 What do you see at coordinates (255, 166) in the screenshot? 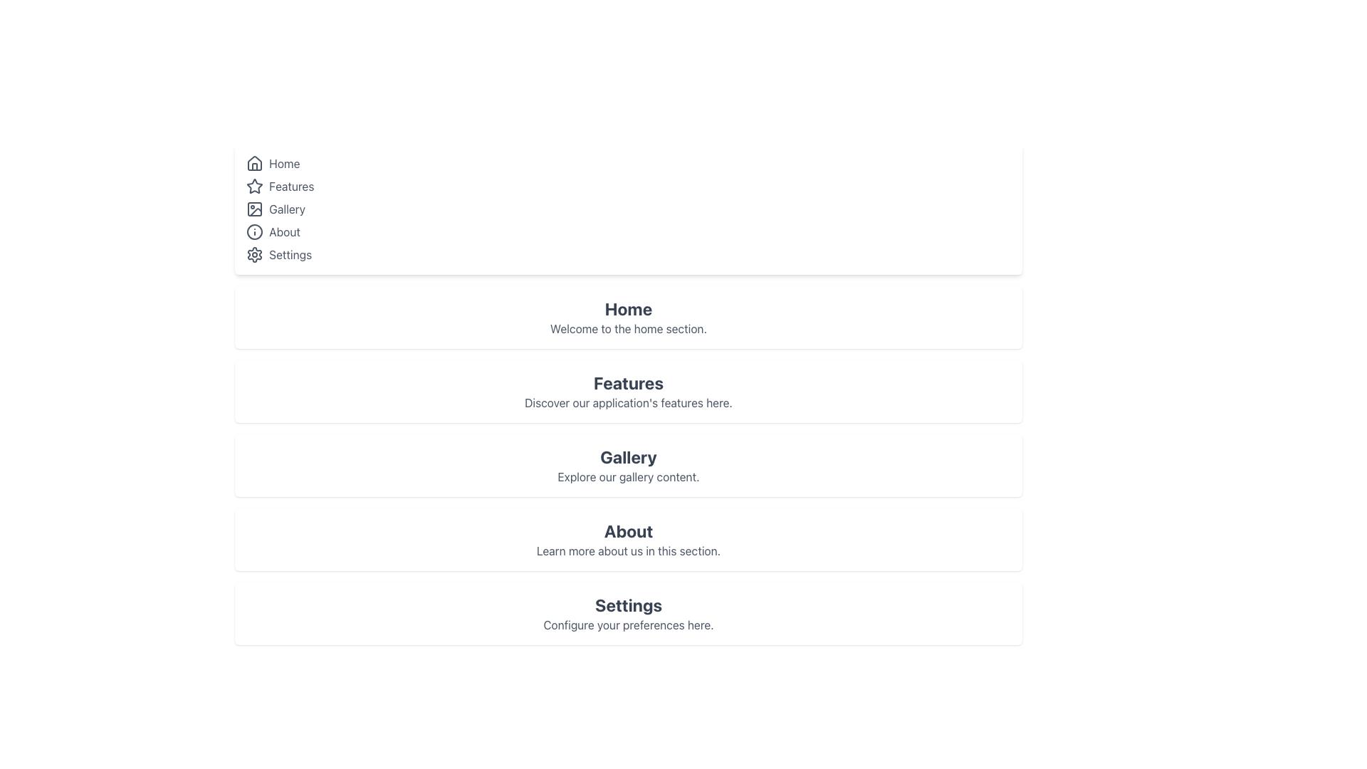
I see `the door element of the house icon, which is a vertical rectangular shape located in the lower-central part of the SVG graphic` at bounding box center [255, 166].